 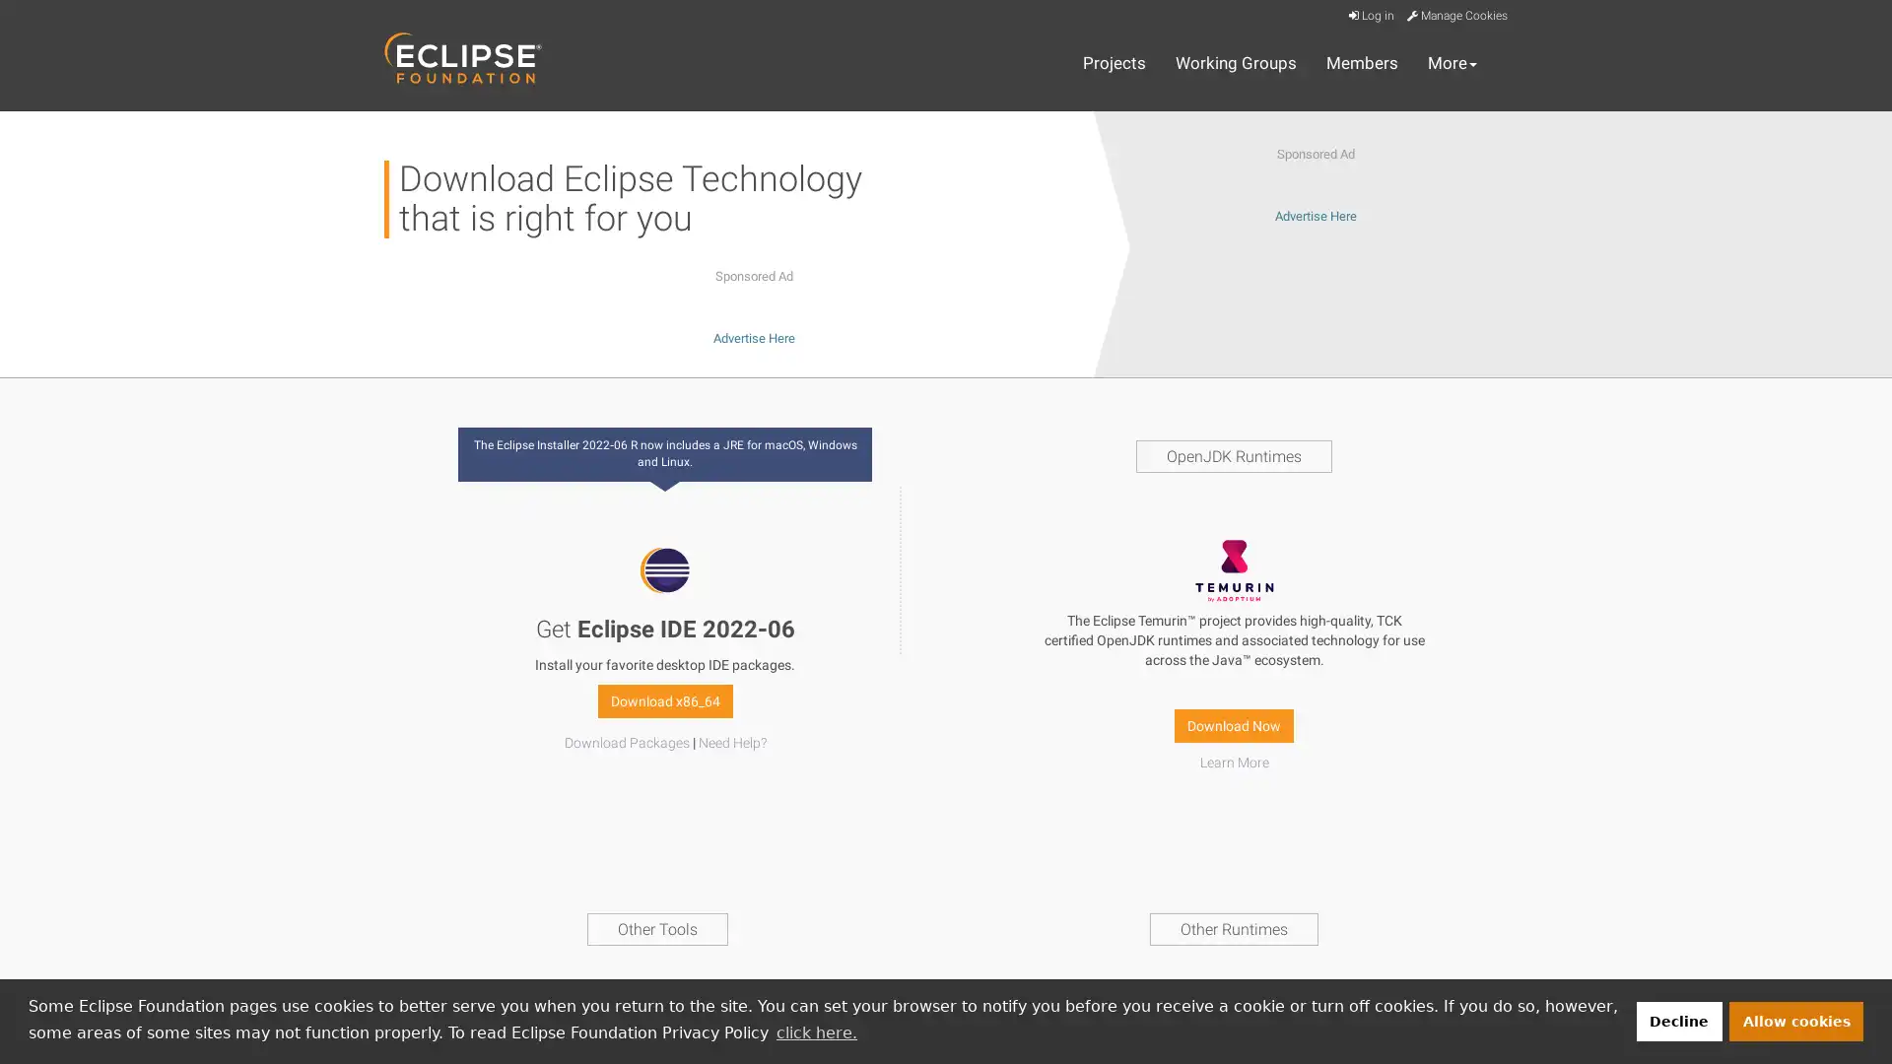 What do you see at coordinates (1452, 63) in the screenshot?
I see `More` at bounding box center [1452, 63].